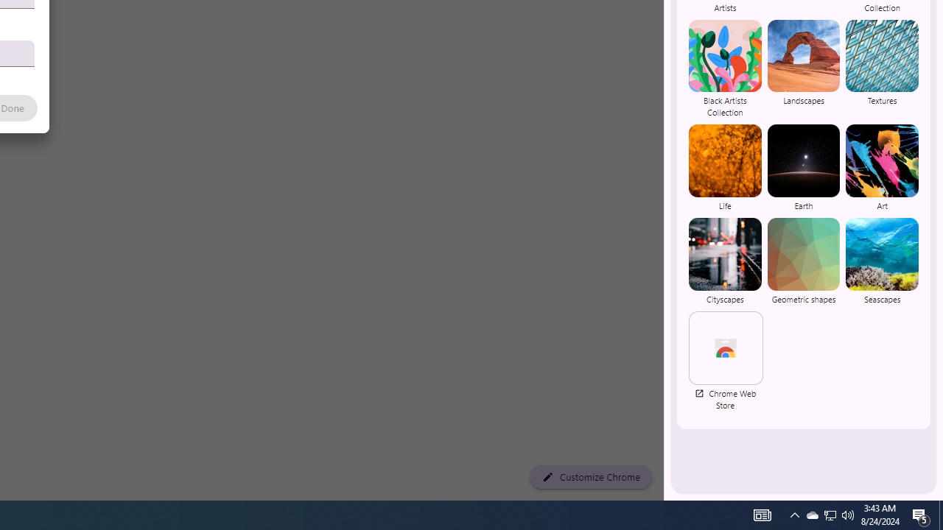 The width and height of the screenshot is (943, 530). Describe the element at coordinates (802, 167) in the screenshot. I see `'Earth'` at that location.